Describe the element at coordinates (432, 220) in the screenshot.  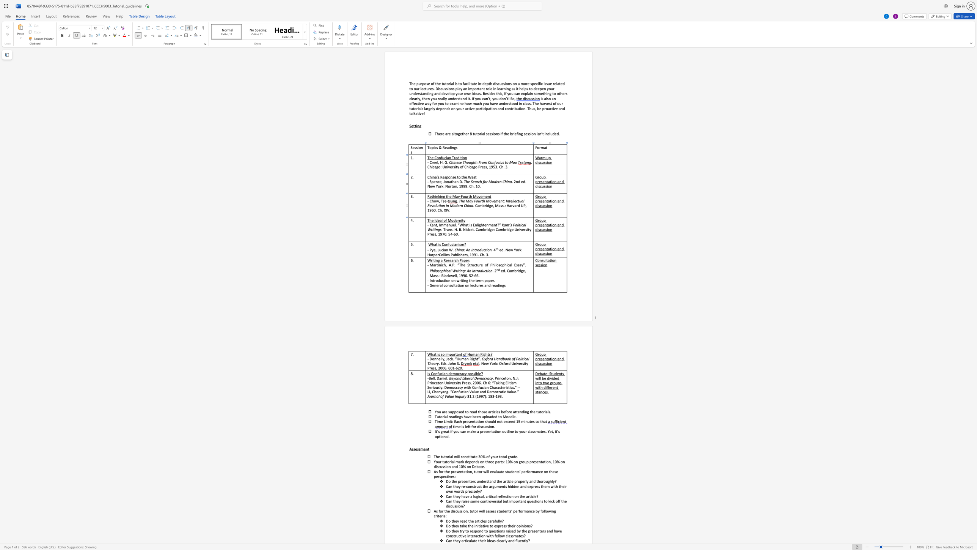
I see `the 1th character "e" in the text` at that location.